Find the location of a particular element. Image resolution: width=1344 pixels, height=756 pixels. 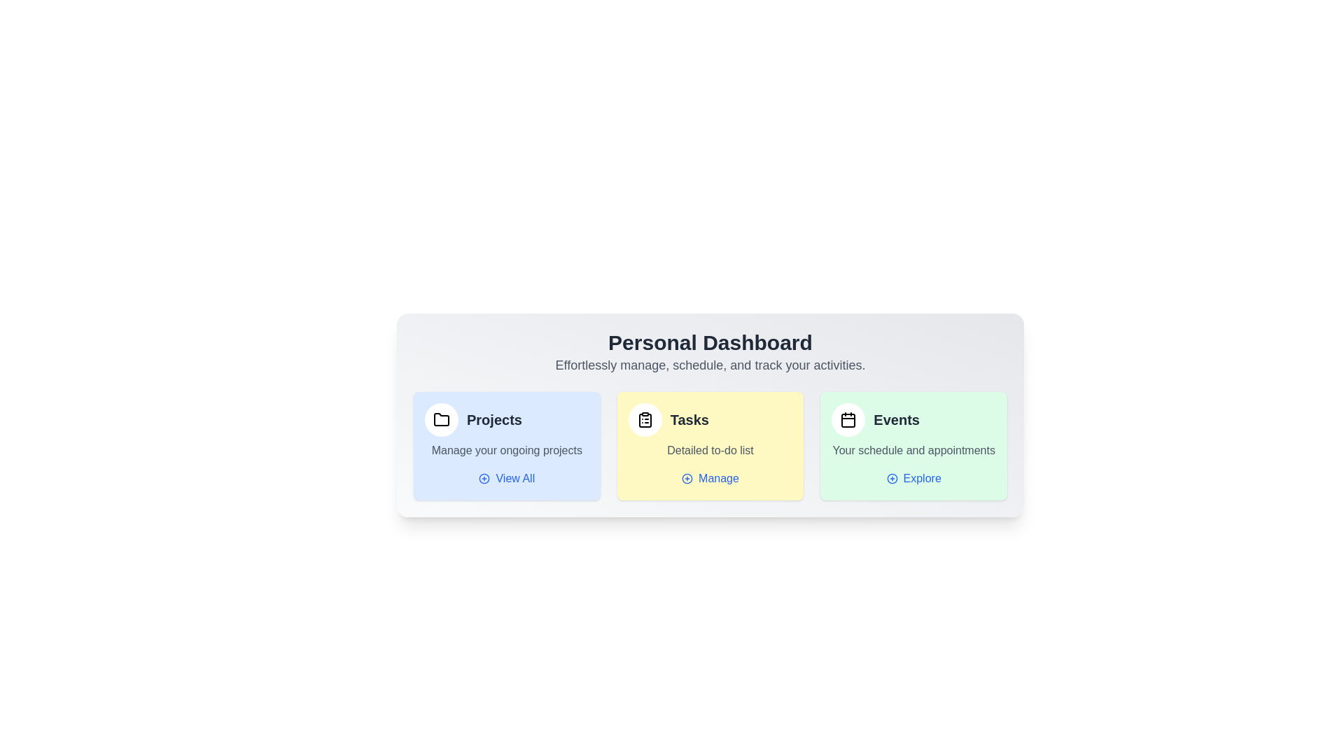

the section labeled Tasks is located at coordinates (710, 445).